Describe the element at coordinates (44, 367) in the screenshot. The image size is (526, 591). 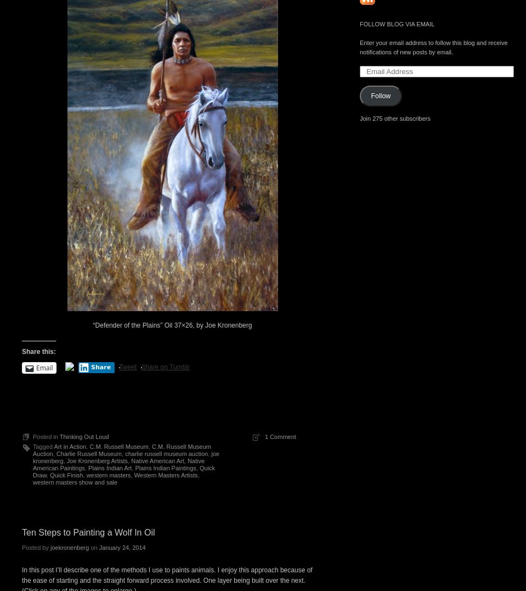
I see `'Email'` at that location.